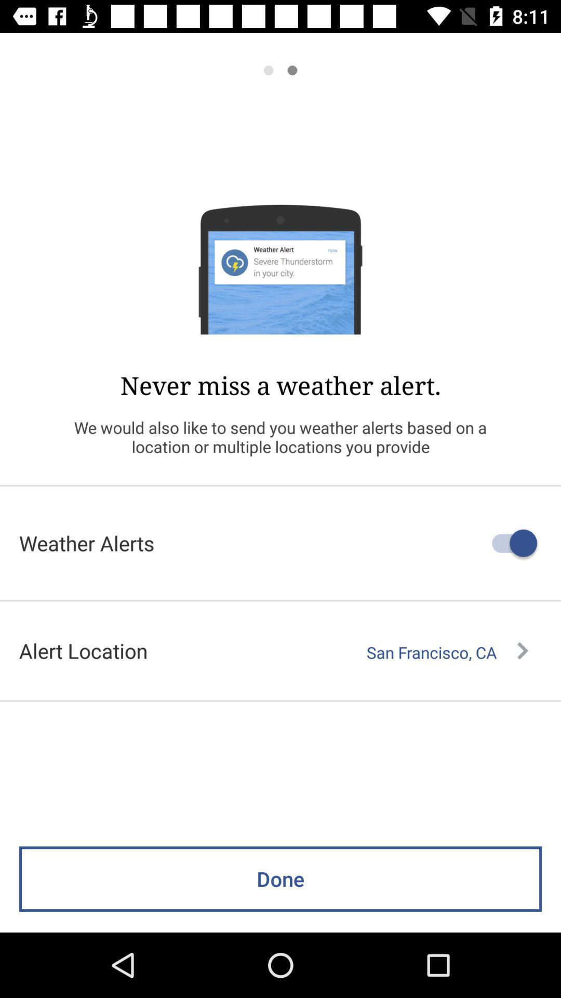 The width and height of the screenshot is (561, 998). What do you see at coordinates (280, 878) in the screenshot?
I see `done item` at bounding box center [280, 878].